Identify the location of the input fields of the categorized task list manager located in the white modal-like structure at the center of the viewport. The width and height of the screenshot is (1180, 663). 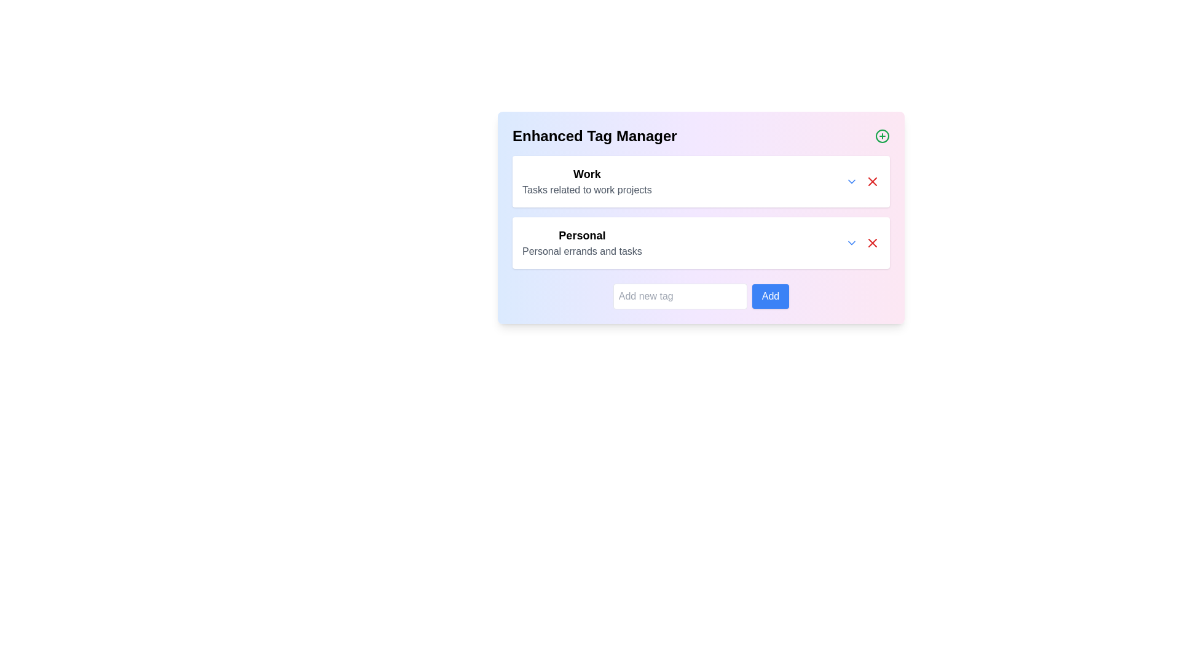
(701, 217).